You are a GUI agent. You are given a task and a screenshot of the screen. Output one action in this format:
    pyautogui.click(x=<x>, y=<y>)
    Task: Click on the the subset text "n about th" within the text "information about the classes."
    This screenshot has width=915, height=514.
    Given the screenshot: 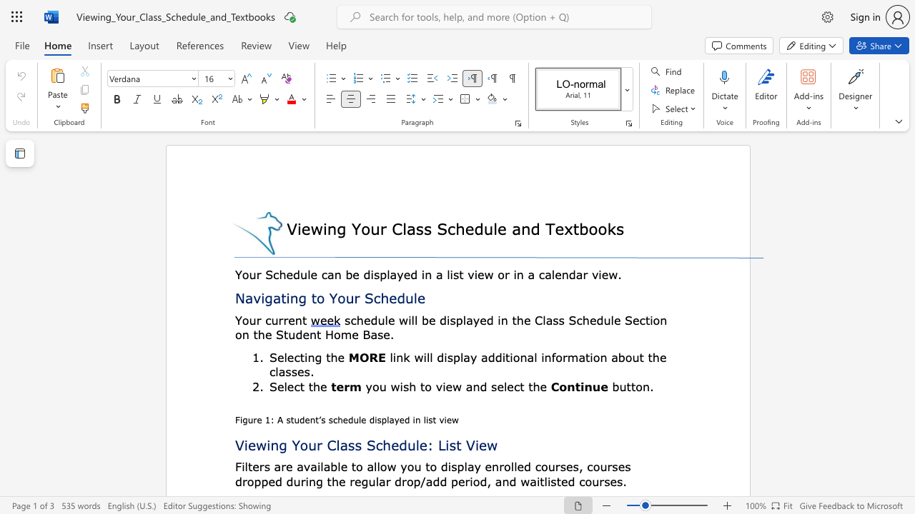 What is the action you would take?
    pyautogui.click(x=600, y=356)
    